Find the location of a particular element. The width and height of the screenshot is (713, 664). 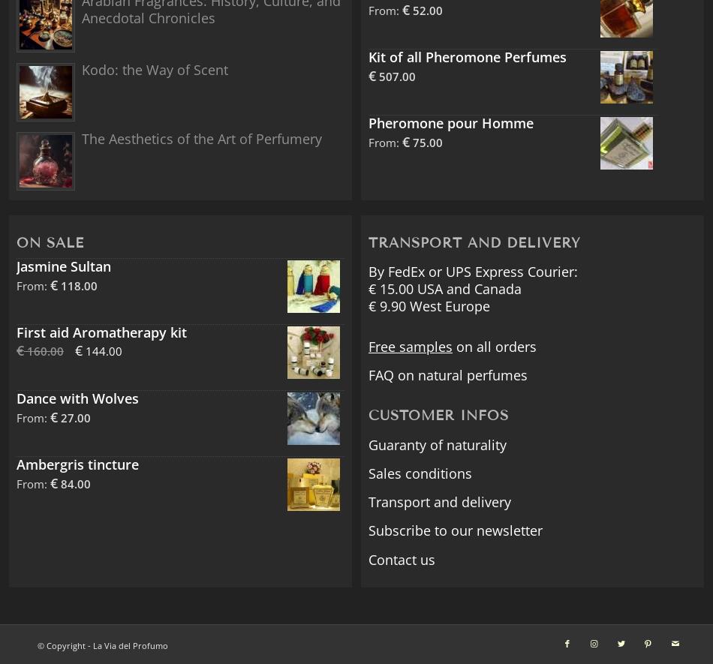

'© Copyright - La Via del Profumo' is located at coordinates (102, 644).